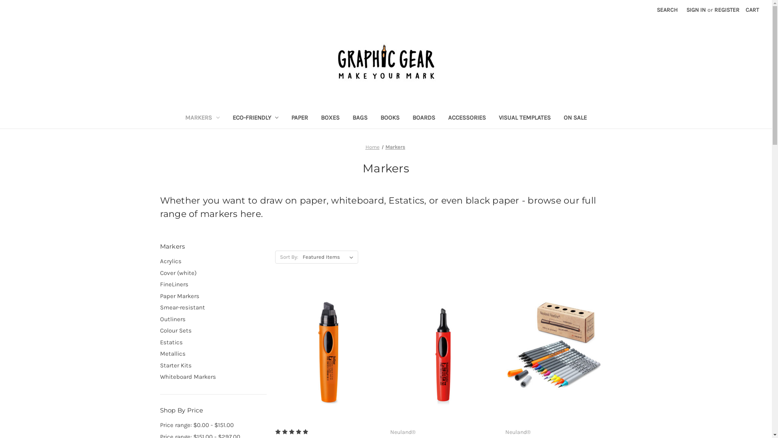  Describe the element at coordinates (159, 365) in the screenshot. I see `'Starter Kits'` at that location.